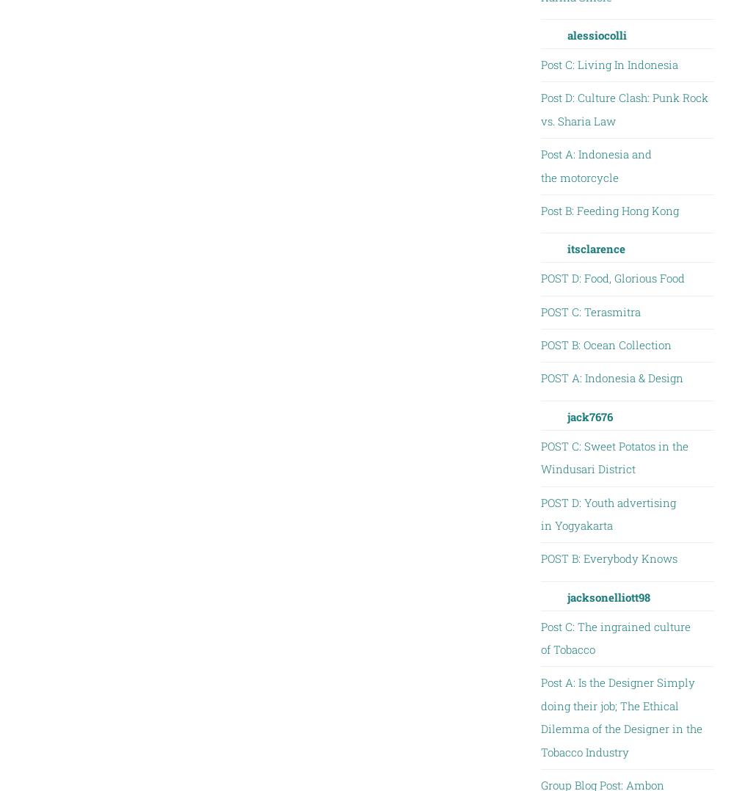  Describe the element at coordinates (539, 377) in the screenshot. I see `'POST A: Indonesia & Design'` at that location.